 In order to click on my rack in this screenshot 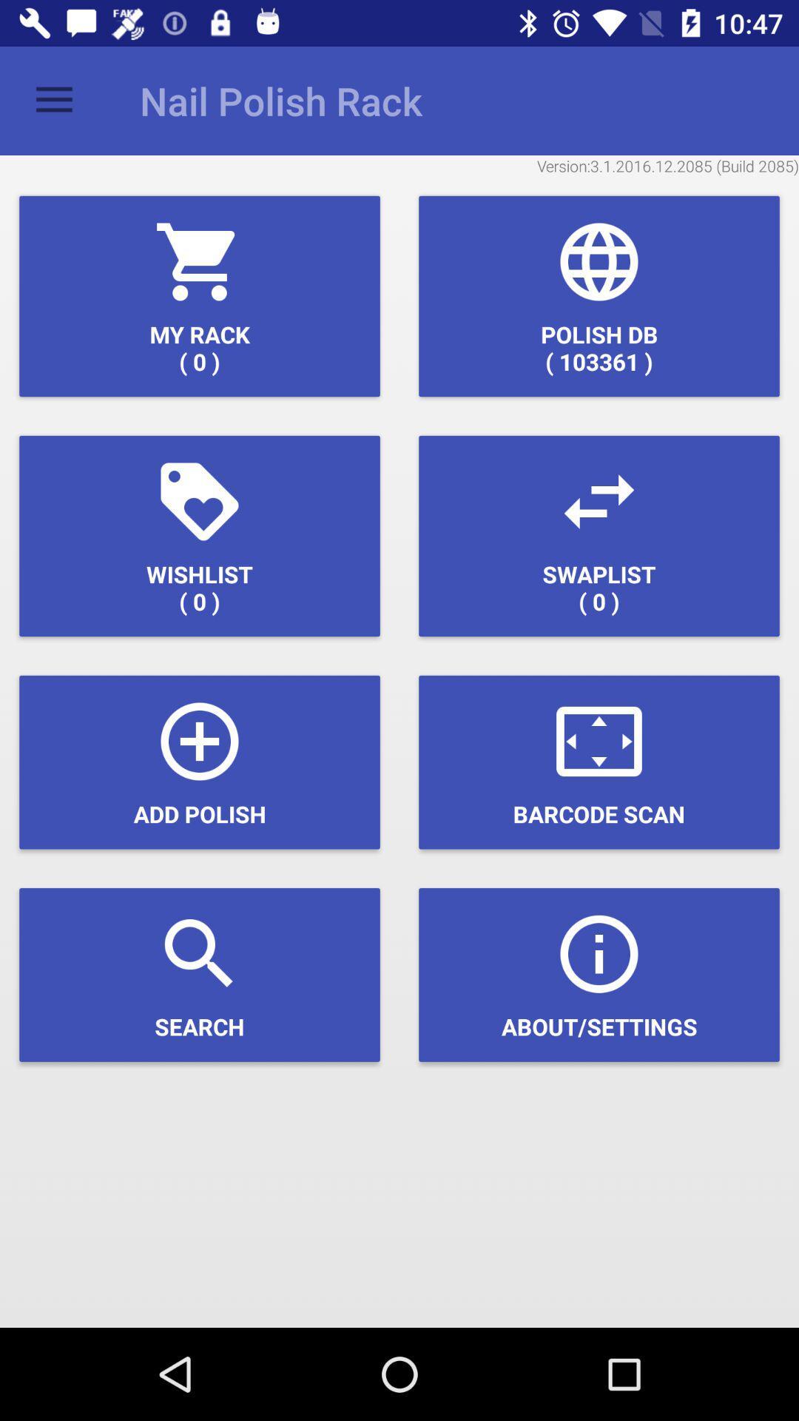, I will do `click(200, 296)`.